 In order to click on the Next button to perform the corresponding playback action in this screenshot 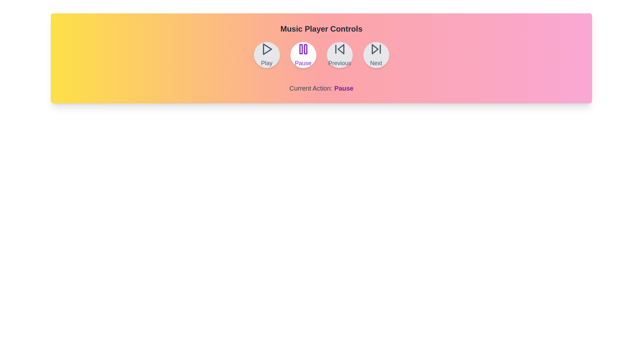, I will do `click(376, 55)`.